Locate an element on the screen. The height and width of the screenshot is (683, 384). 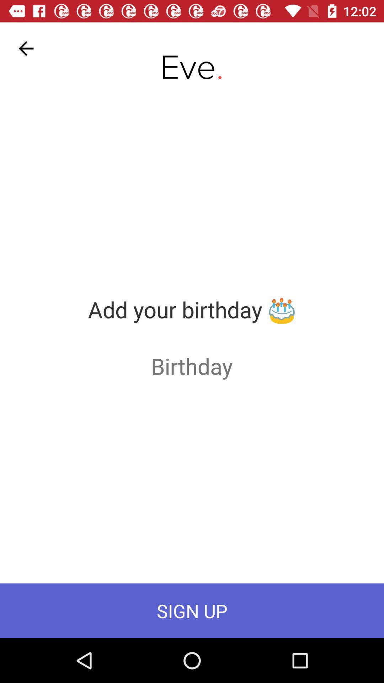
the words is located at coordinates (191, 366).